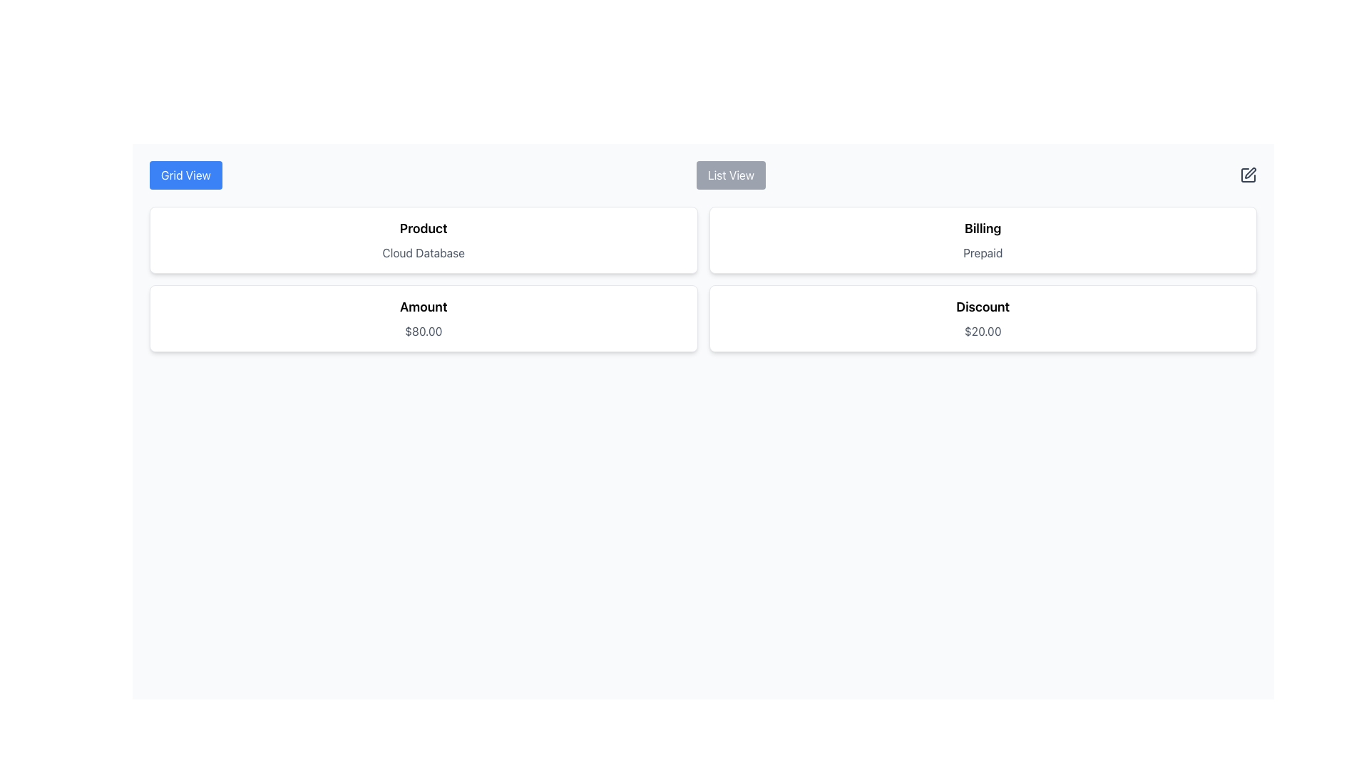 The width and height of the screenshot is (1369, 770). What do you see at coordinates (982, 239) in the screenshot?
I see `the Content Display Box that displays details related to the 'Billing' category and highlights the 'Prepaid' type` at bounding box center [982, 239].